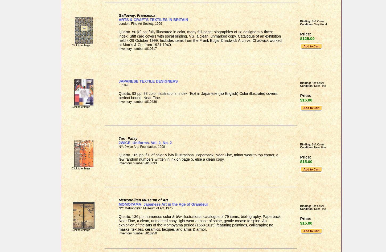 The image size is (386, 252). Describe the element at coordinates (148, 81) in the screenshot. I see `'JAPANESE TEXTILE DESIGNERS'` at that location.